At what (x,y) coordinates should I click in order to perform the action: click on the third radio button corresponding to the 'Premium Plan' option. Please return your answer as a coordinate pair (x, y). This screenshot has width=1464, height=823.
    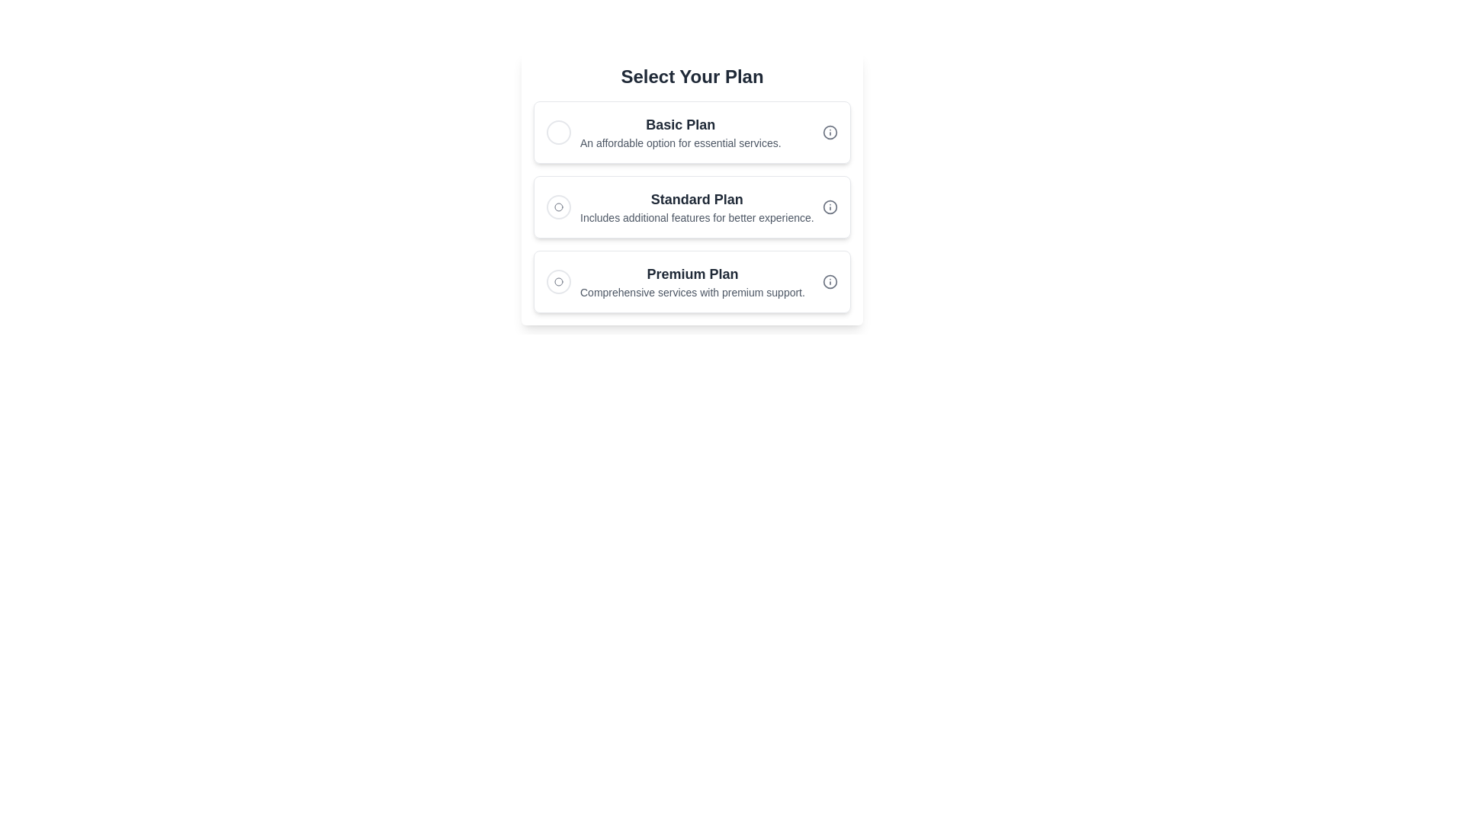
    Looking at the image, I should click on (558, 282).